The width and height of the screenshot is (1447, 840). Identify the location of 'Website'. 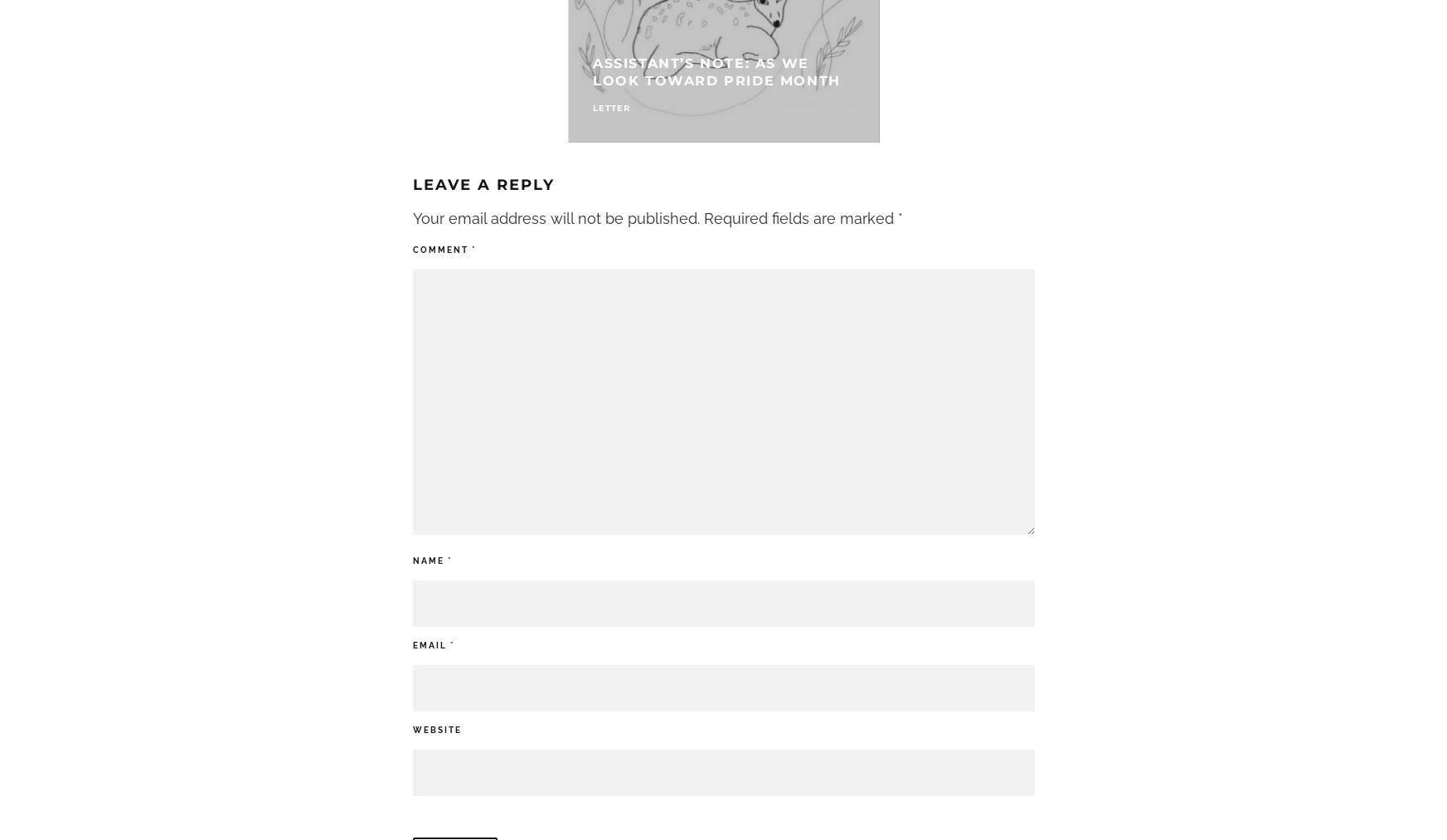
(436, 728).